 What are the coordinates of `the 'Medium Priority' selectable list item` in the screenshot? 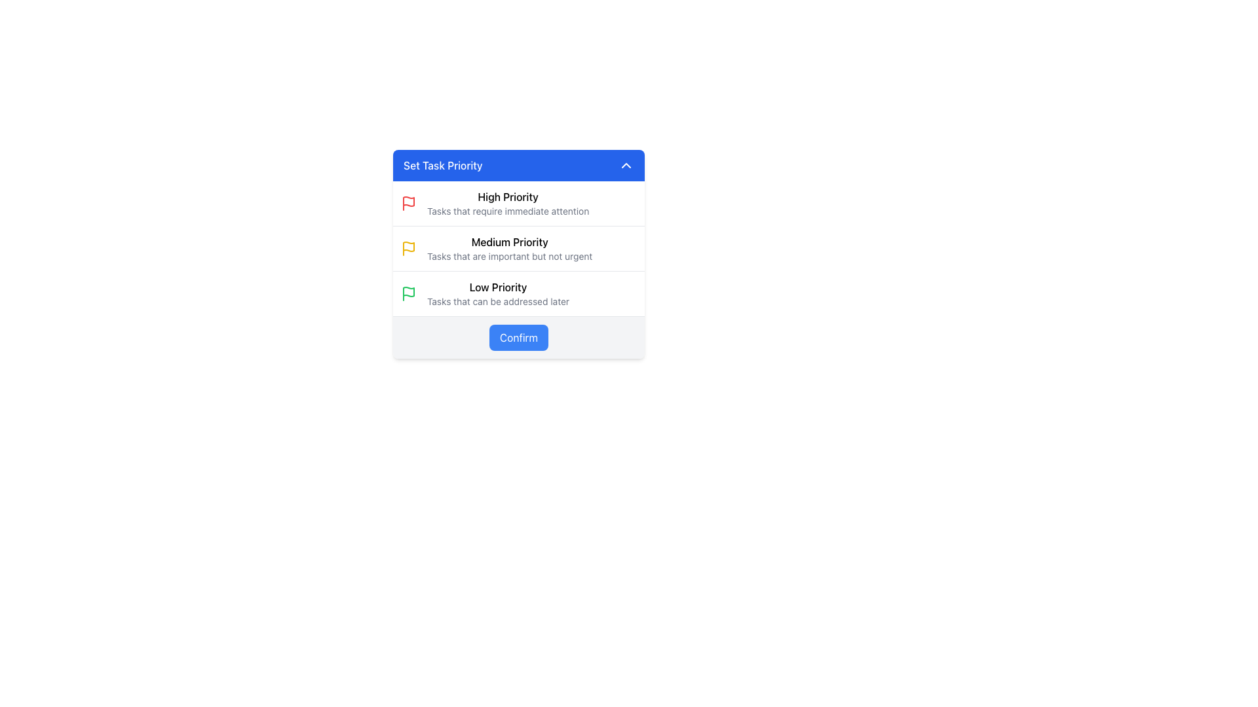 It's located at (518, 248).